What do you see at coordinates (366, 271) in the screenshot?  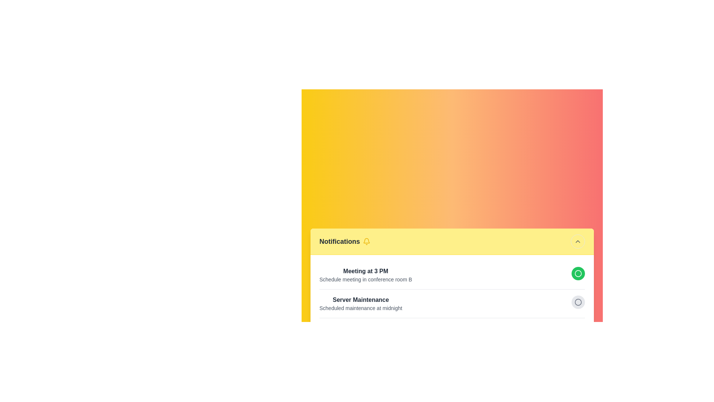 I see `and copy the text label indicating a meeting event scheduled at '3 PM', which serves as a summary or title of the event` at bounding box center [366, 271].